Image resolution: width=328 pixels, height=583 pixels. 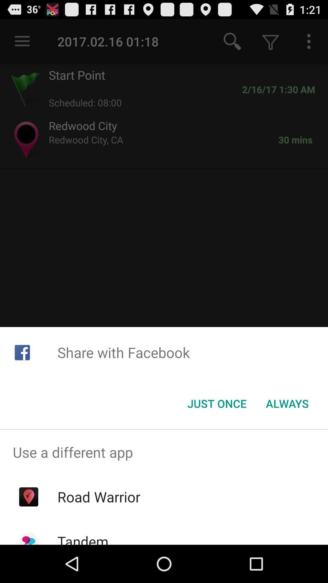 I want to click on the icon next to always icon, so click(x=217, y=404).